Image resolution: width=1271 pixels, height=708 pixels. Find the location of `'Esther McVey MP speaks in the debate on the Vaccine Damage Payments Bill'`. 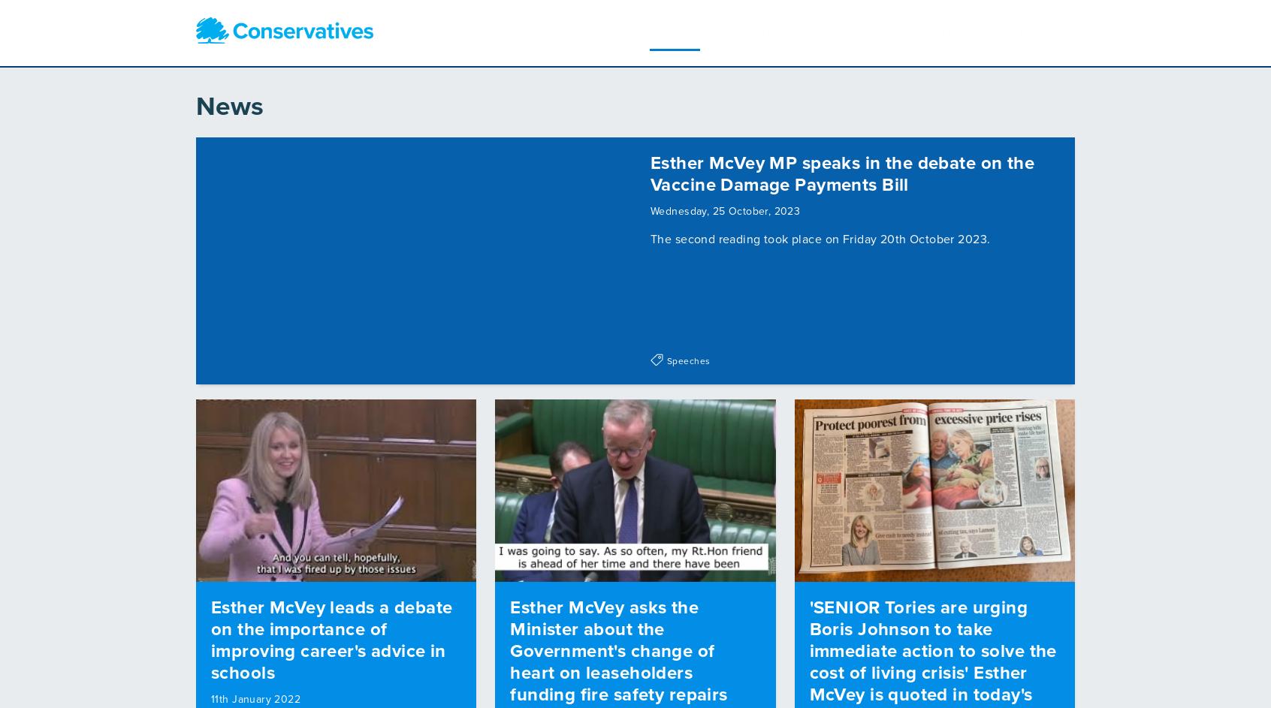

'Esther McVey MP speaks in the debate on the Vaccine Damage Payments Bill' is located at coordinates (649, 168).